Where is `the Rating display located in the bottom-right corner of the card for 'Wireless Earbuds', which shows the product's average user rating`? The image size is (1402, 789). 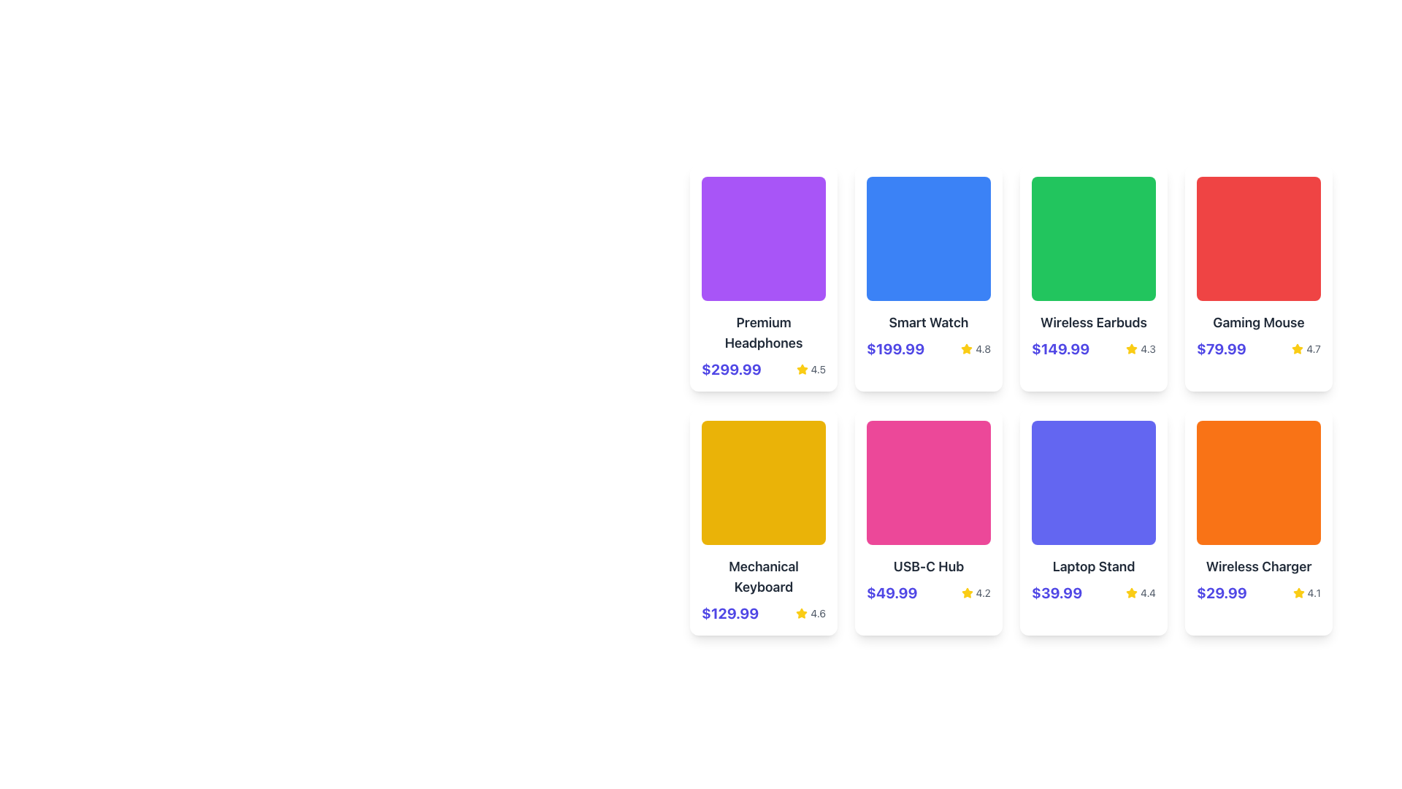 the Rating display located in the bottom-right corner of the card for 'Wireless Earbuds', which shows the product's average user rating is located at coordinates (1140, 349).